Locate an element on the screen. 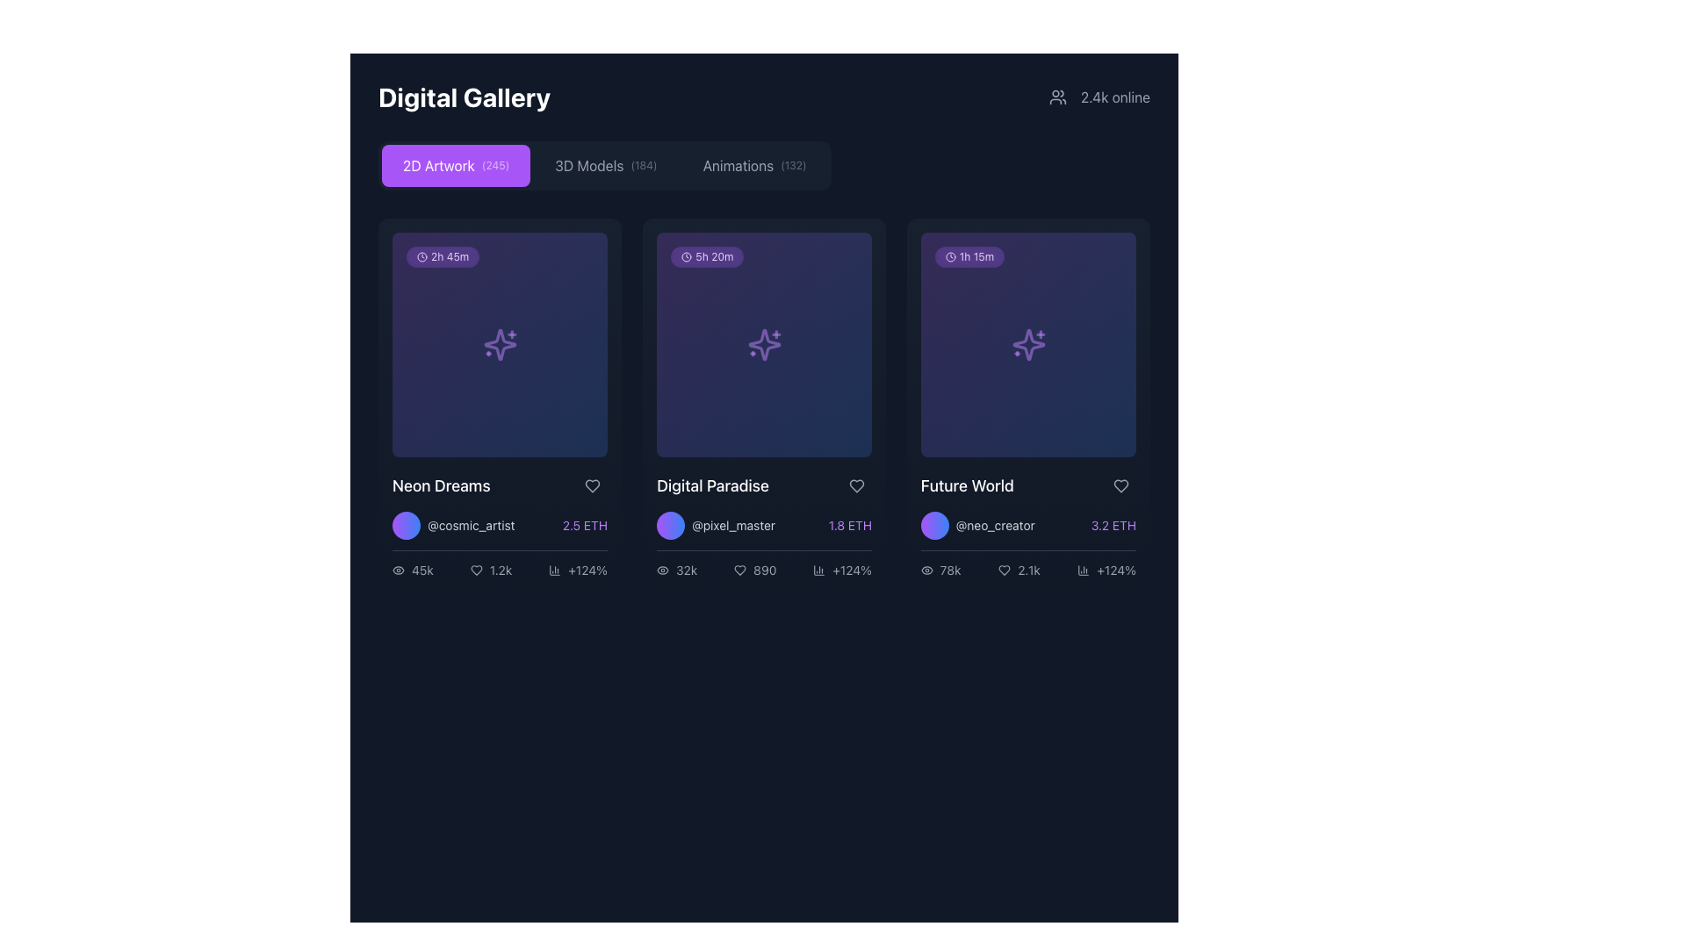 This screenshot has height=948, width=1686. like count displayed next to the heart icon in the 'Digital Paradise' card, which shows the number '890' is located at coordinates (755, 571).